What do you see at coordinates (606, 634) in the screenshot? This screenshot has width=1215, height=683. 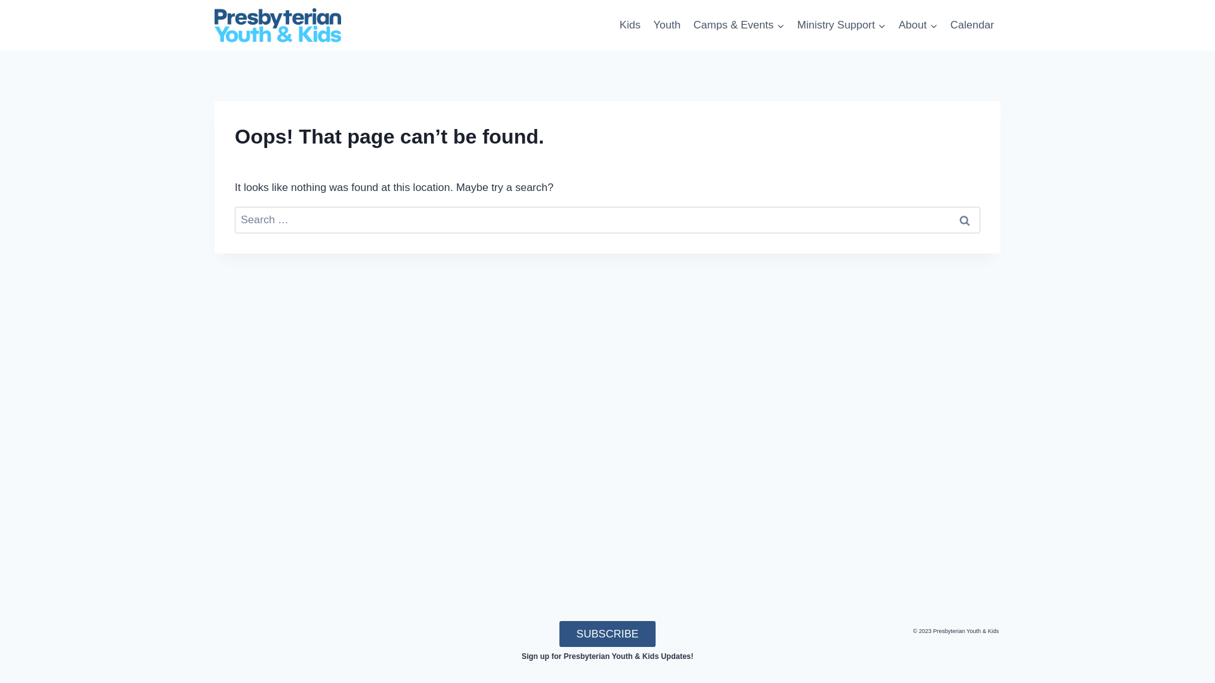 I see `'  SUBSCRIBE  '` at bounding box center [606, 634].